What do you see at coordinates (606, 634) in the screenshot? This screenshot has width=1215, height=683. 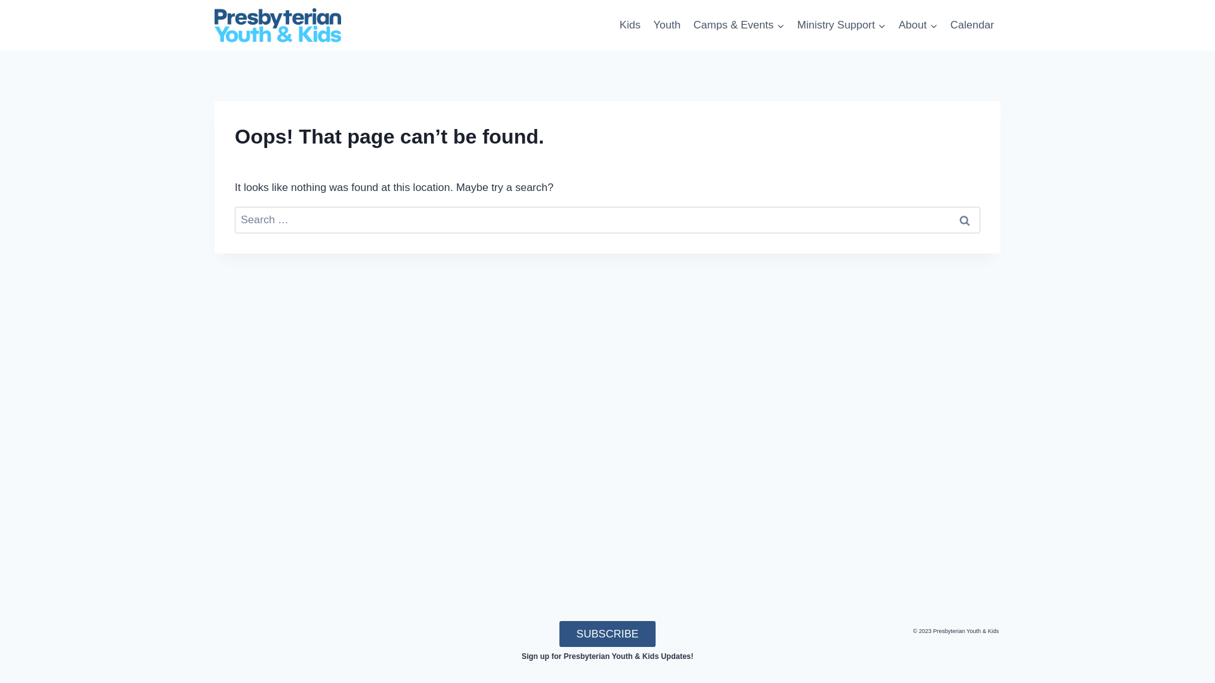 I see `'  SUBSCRIBE  '` at bounding box center [606, 634].